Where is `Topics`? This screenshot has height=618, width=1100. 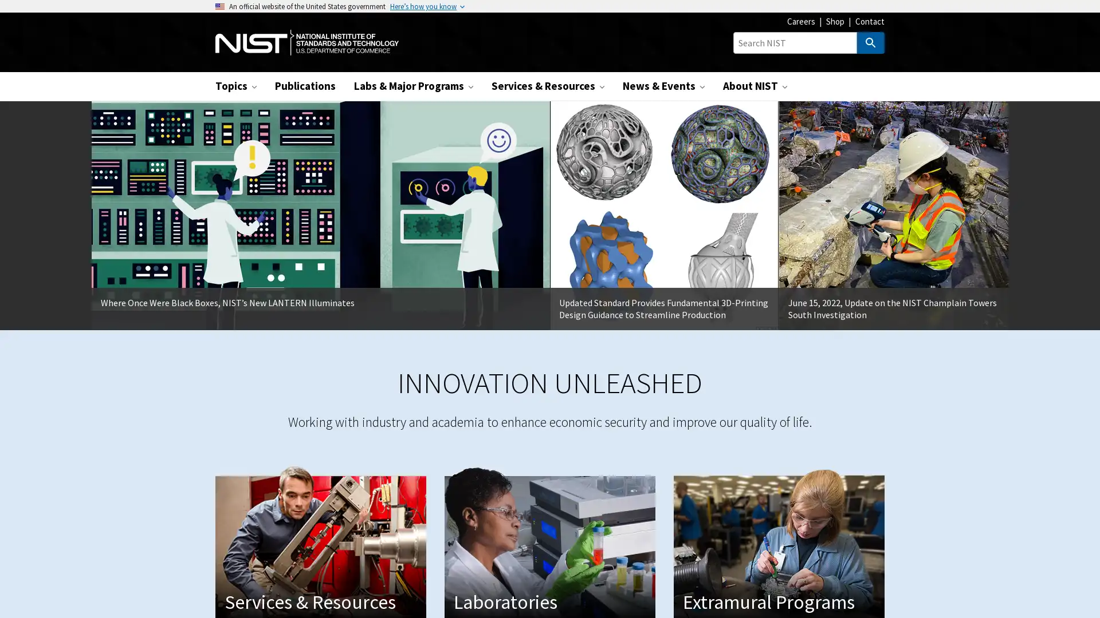
Topics is located at coordinates (235, 85).